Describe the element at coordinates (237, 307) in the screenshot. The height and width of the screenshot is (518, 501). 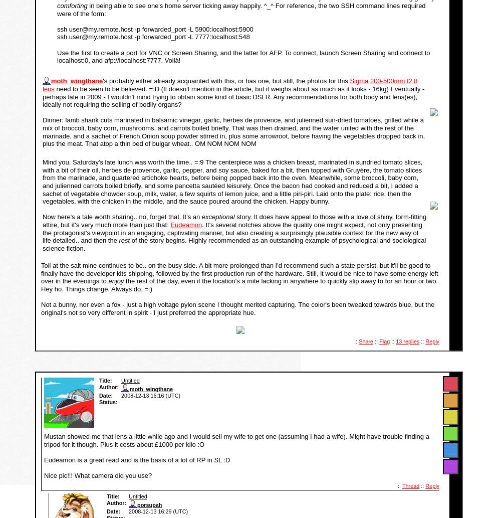
I see `'Not a bunny, nor even a fox - just a high voltage pylon scene I thought merited capturing. The color's been tweaked towards blue, but the original's not so very different in spirit - I just preferred the appropriate hue.'` at that location.